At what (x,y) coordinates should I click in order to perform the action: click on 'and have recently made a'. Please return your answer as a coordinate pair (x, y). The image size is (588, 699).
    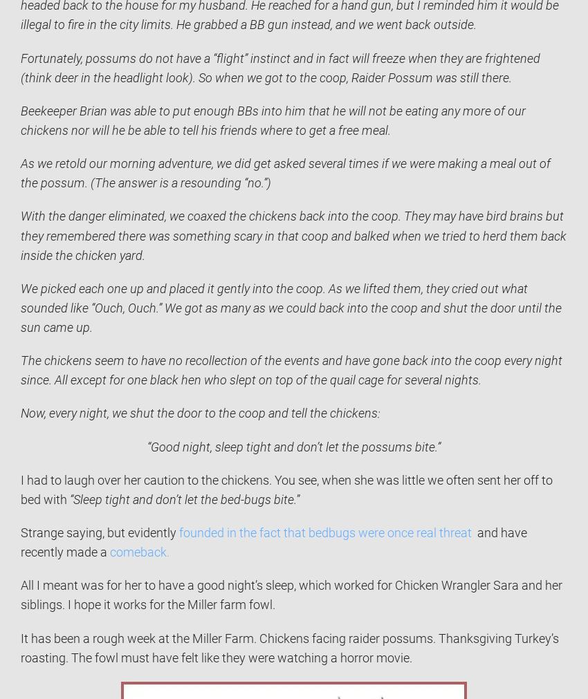
    Looking at the image, I should click on (274, 542).